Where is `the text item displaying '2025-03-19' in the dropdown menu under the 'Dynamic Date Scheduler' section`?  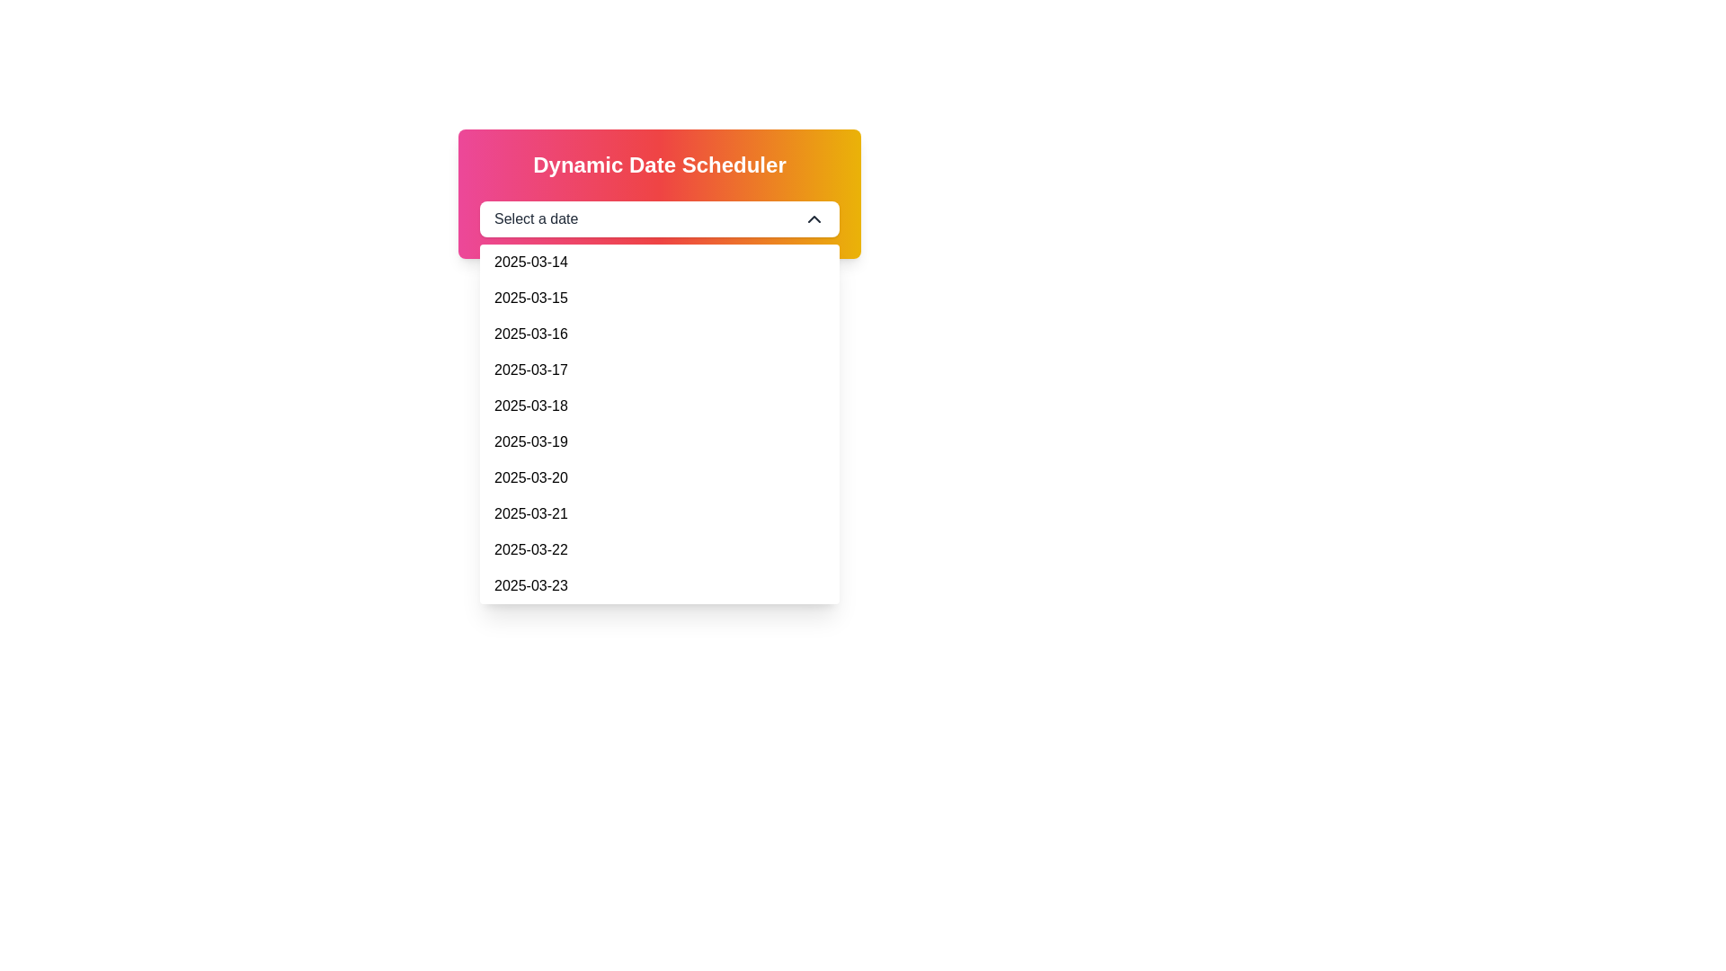 the text item displaying '2025-03-19' in the dropdown menu under the 'Dynamic Date Scheduler' section is located at coordinates (529, 442).